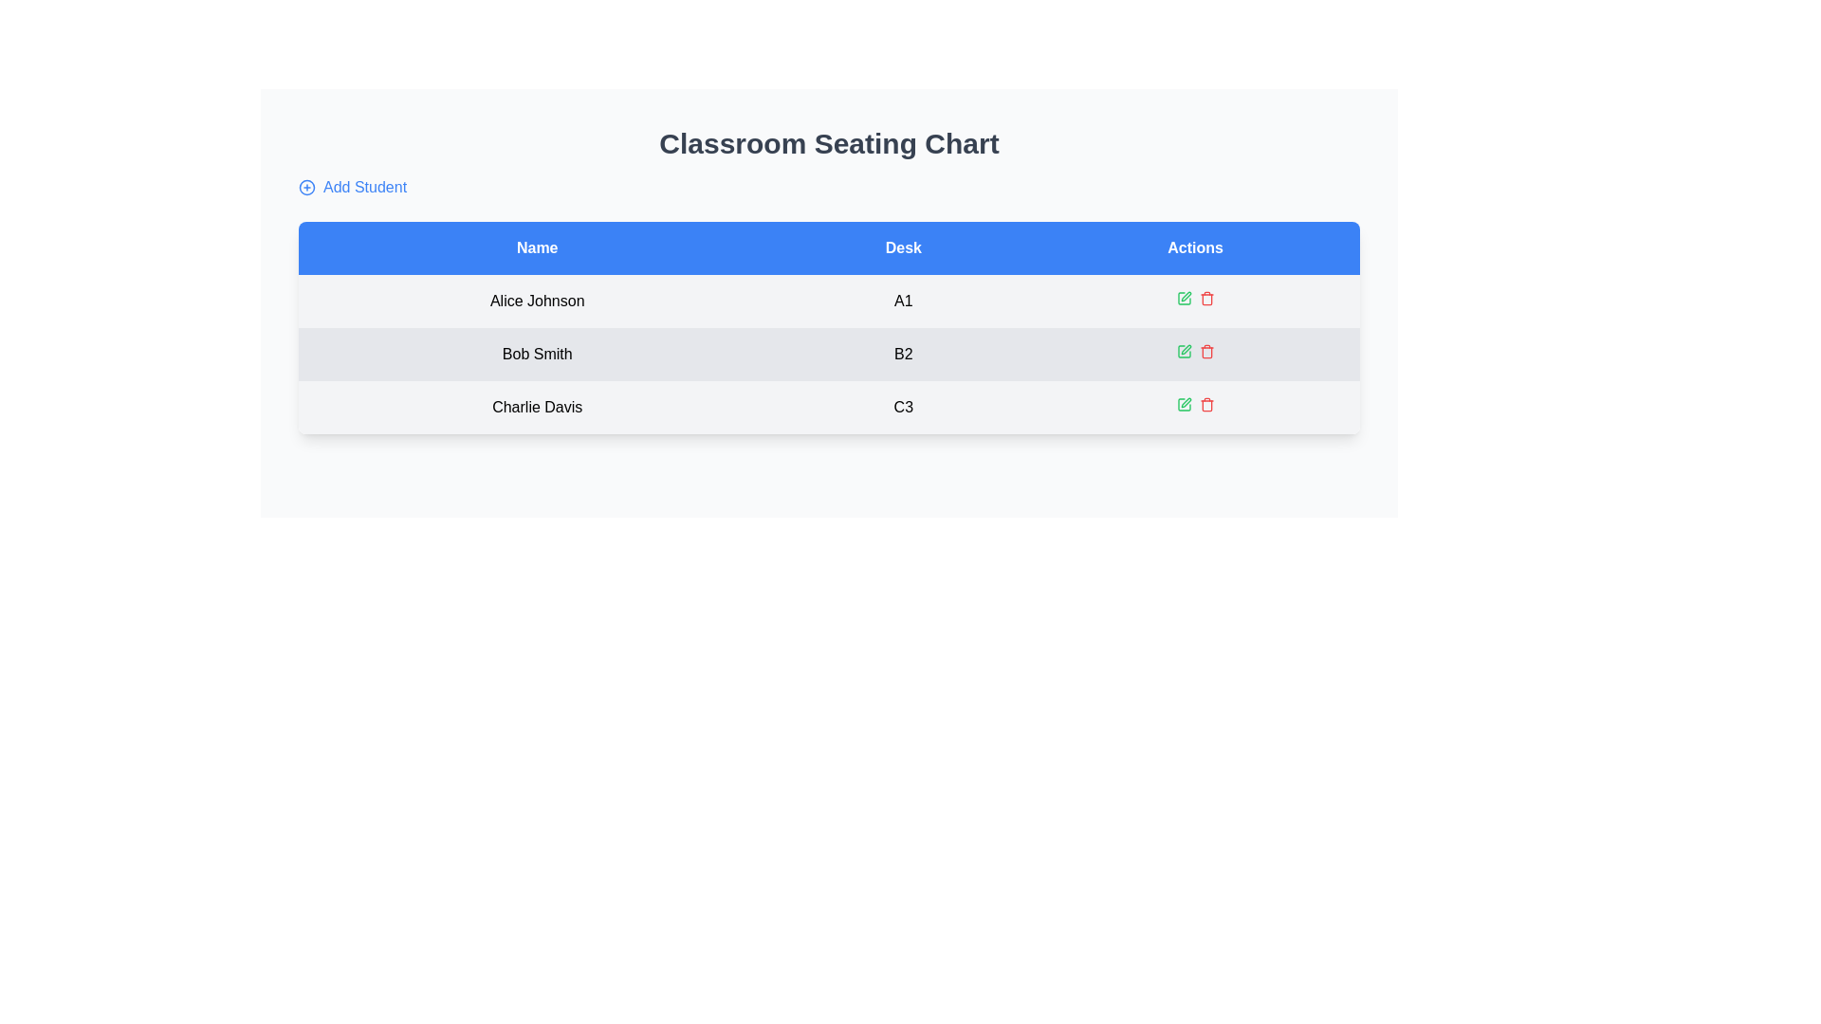 The height and width of the screenshot is (1024, 1821). I want to click on the desk label 'B2' associated with 'Bob Smith', so click(902, 355).